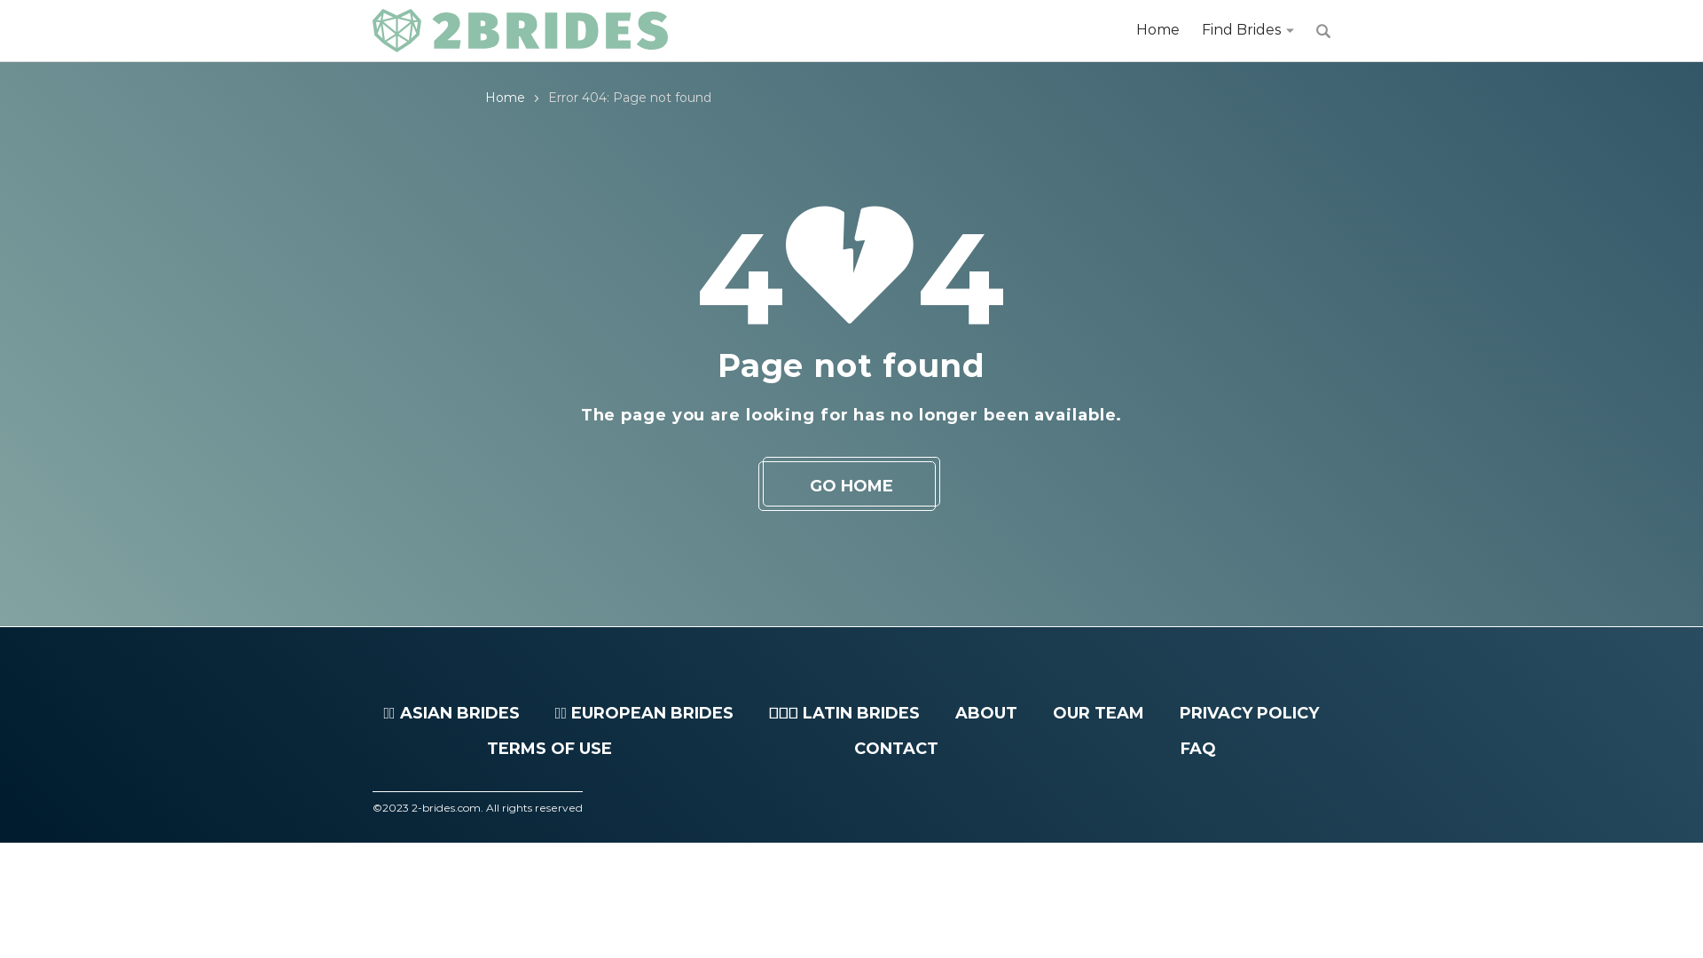 Image resolution: width=1703 pixels, height=958 pixels. What do you see at coordinates (504, 98) in the screenshot?
I see `'Home'` at bounding box center [504, 98].